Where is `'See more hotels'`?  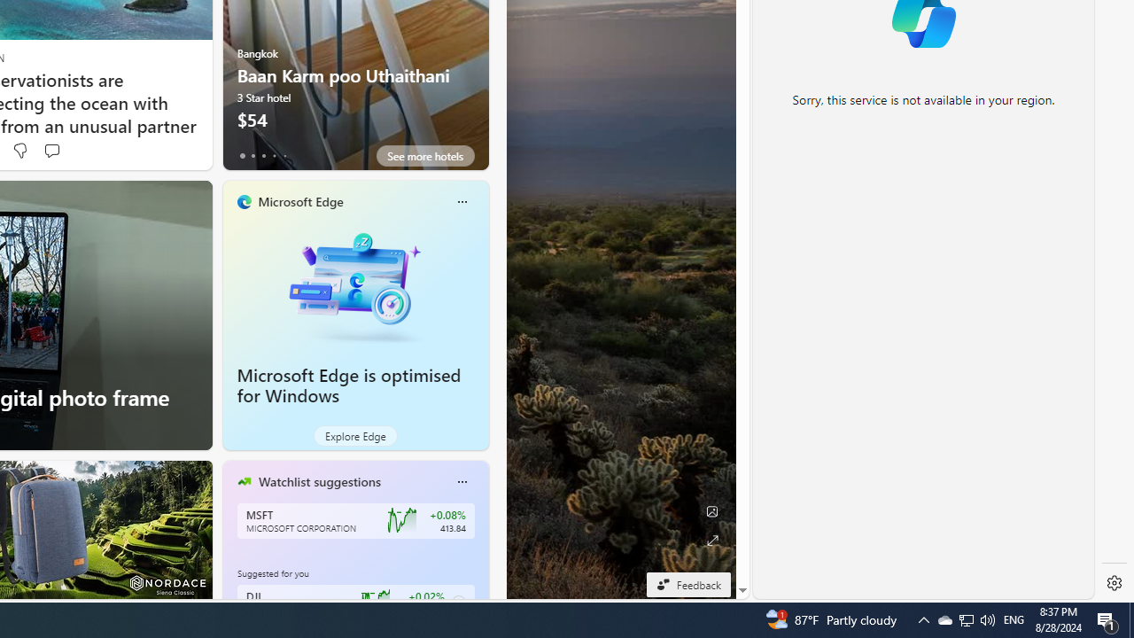
'See more hotels' is located at coordinates (425, 155).